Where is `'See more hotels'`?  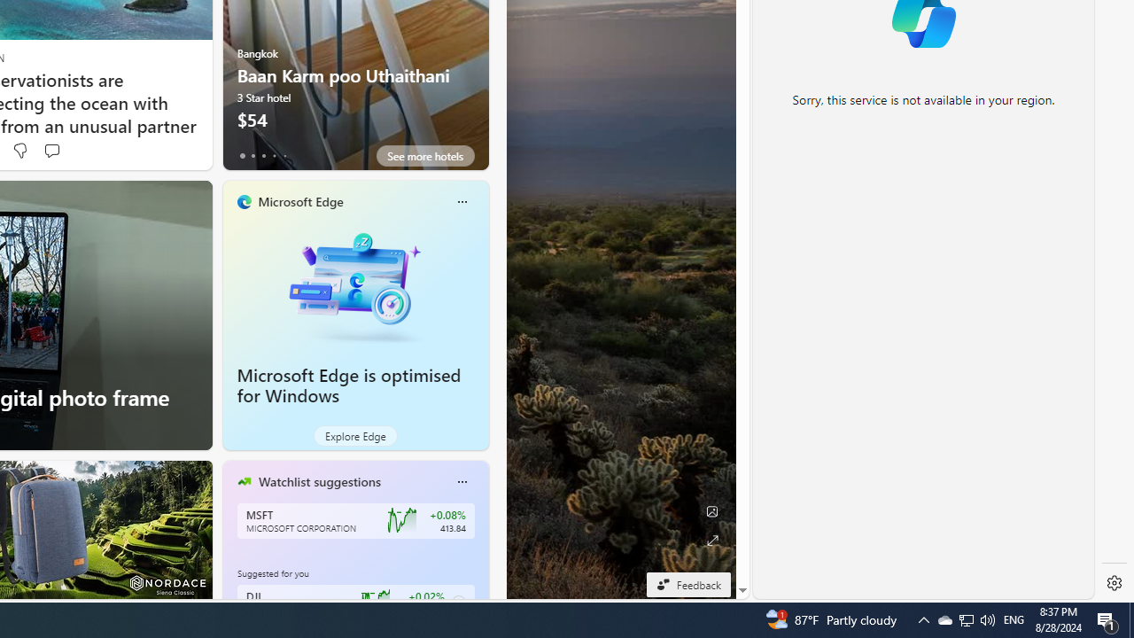
'See more hotels' is located at coordinates (425, 155).